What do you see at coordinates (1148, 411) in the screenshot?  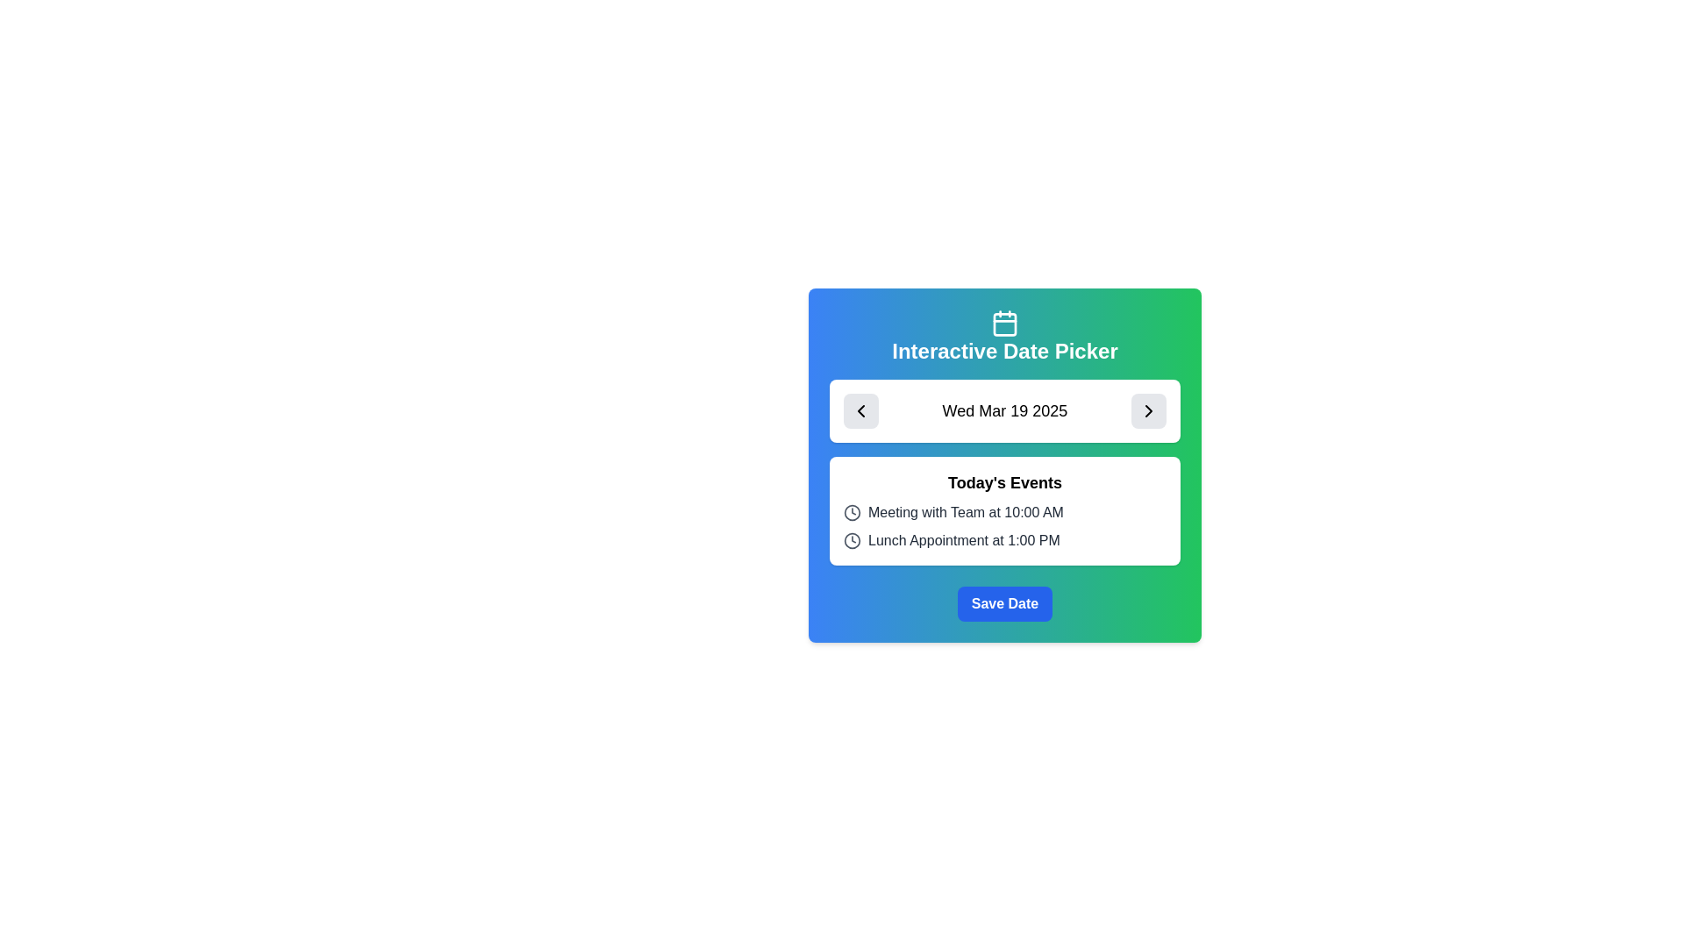 I see `the Chevron icon button located to the far right of the date text ('Wed Mar 19 2025')` at bounding box center [1148, 411].